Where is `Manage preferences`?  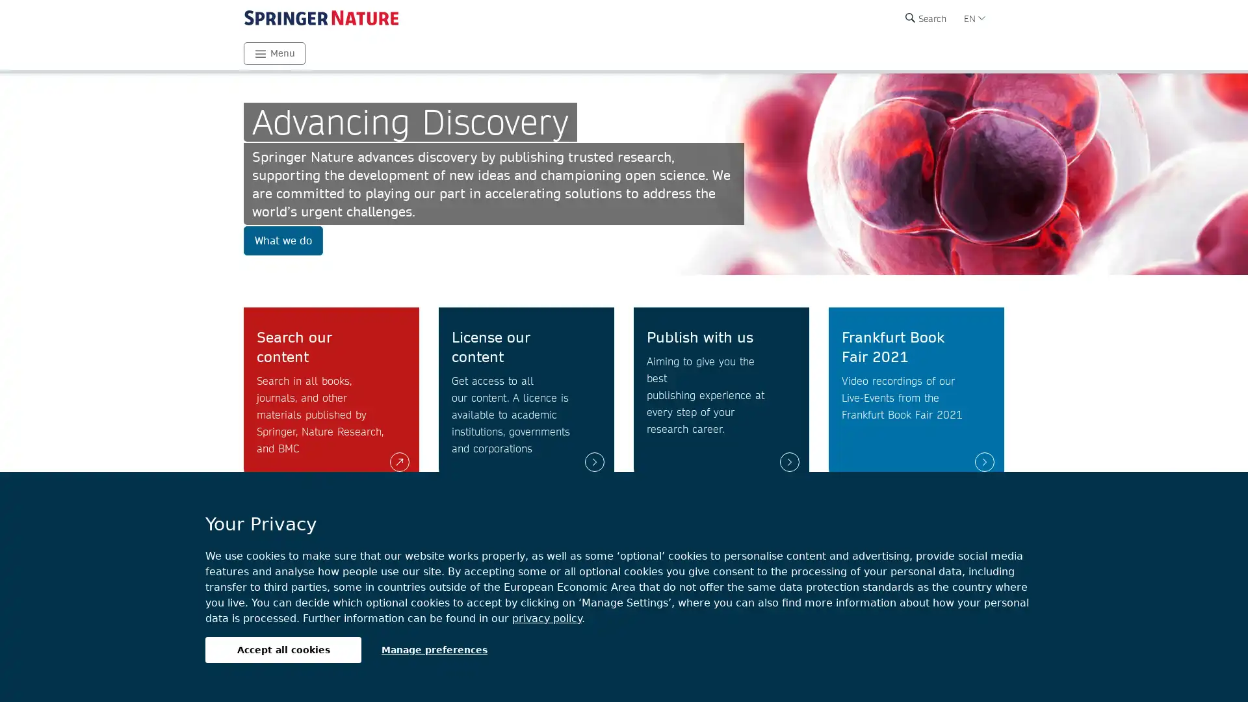
Manage preferences is located at coordinates (434, 649).